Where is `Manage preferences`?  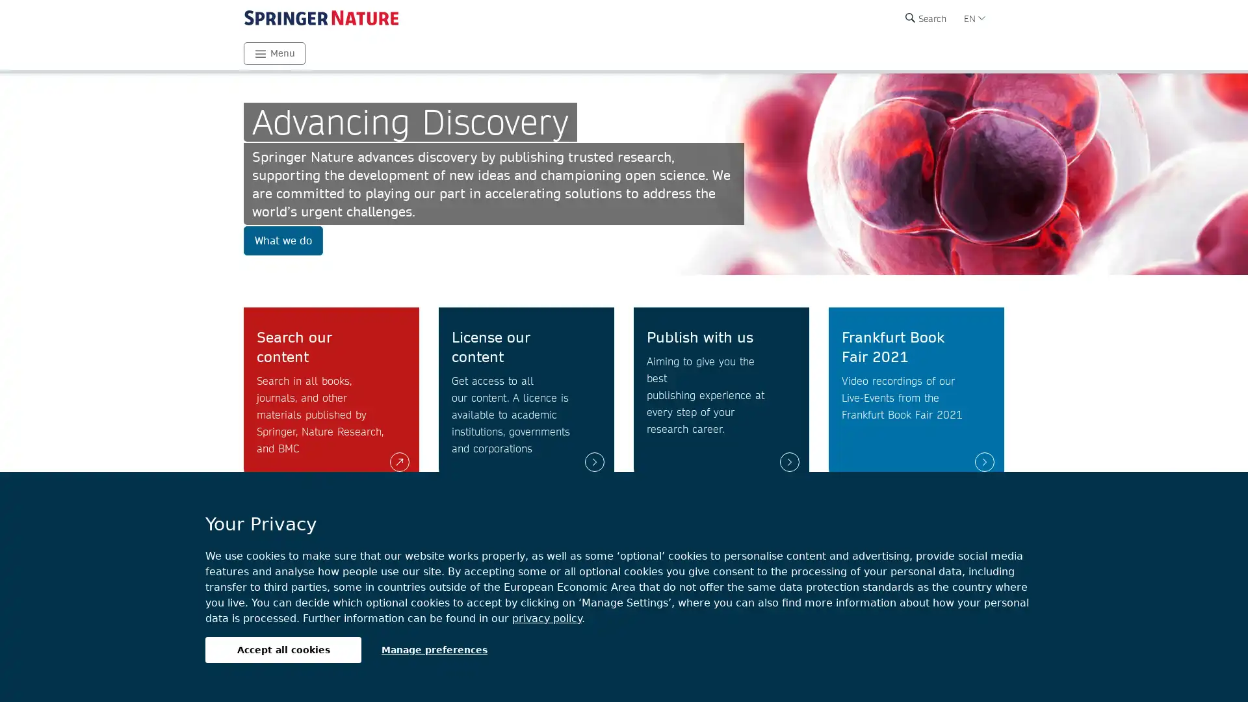
Manage preferences is located at coordinates (434, 649).